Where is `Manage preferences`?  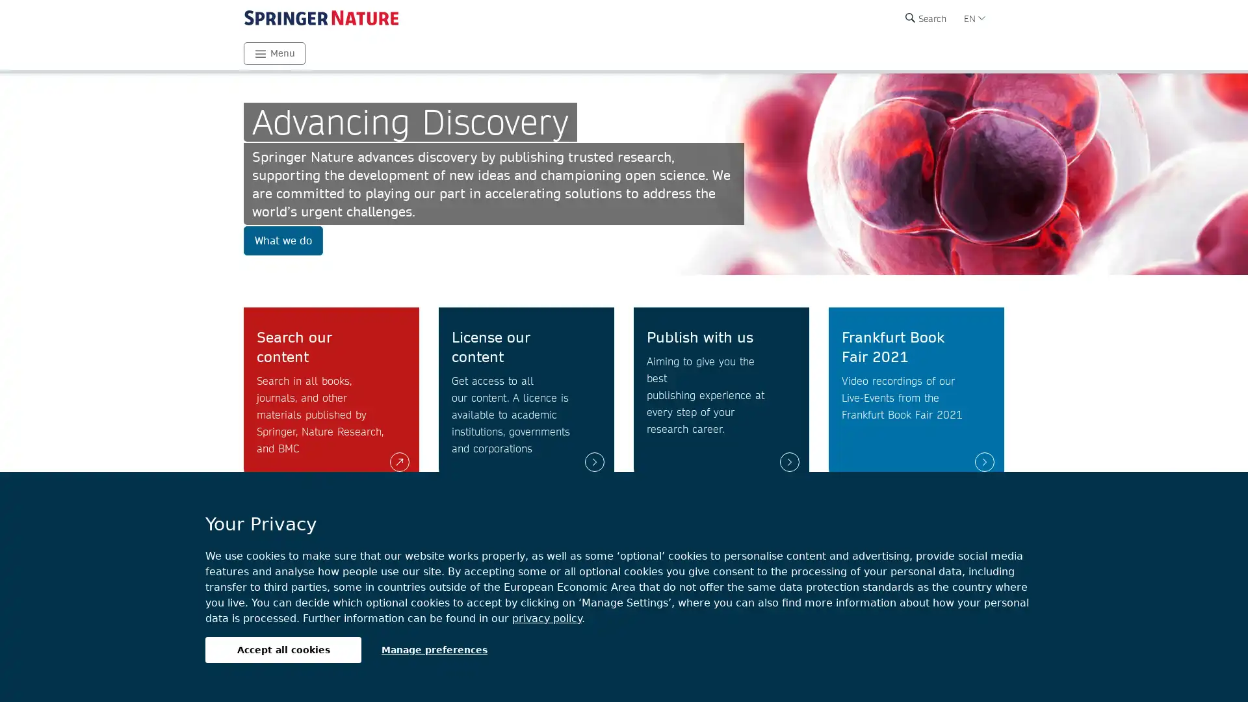
Manage preferences is located at coordinates (434, 649).